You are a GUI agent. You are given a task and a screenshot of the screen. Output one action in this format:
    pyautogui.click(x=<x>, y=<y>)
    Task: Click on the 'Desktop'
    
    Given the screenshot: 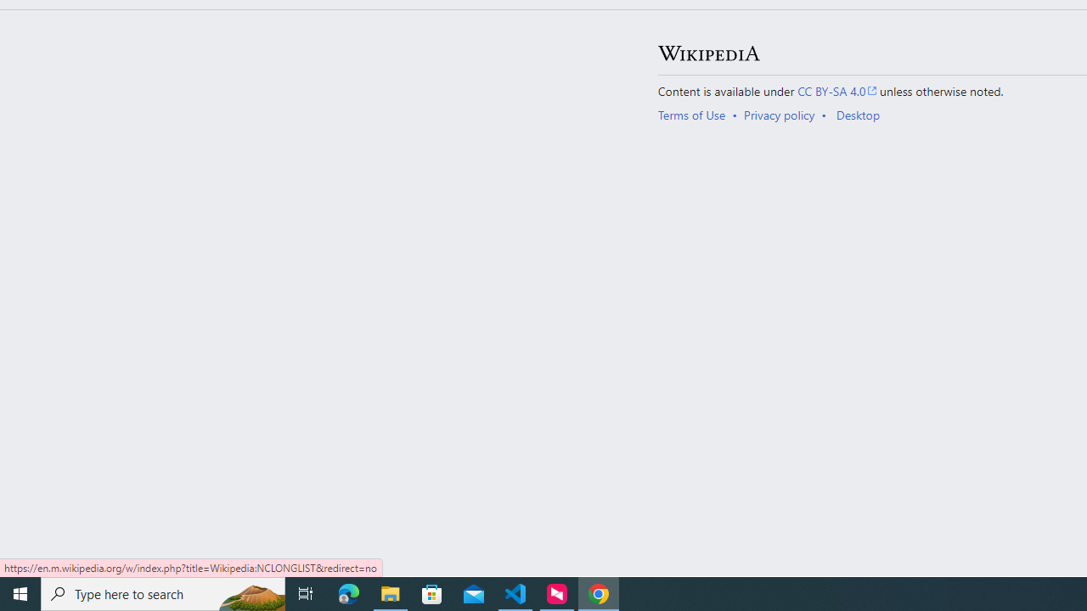 What is the action you would take?
    pyautogui.click(x=858, y=115)
    